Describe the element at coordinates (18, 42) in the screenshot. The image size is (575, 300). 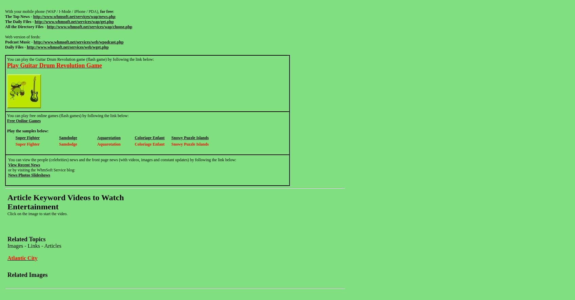
I see `'Podcast Music'` at that location.